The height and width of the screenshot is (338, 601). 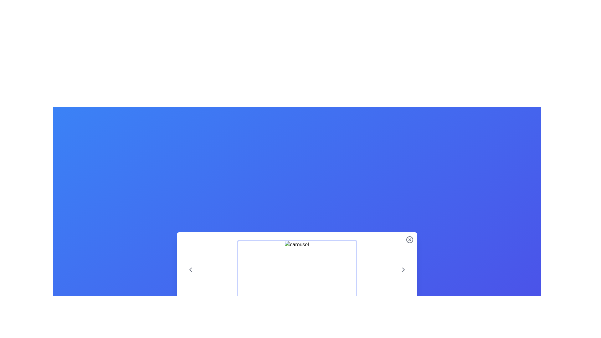 I want to click on the 'back' button located in the lower left corner of the primary interactive area, so click(x=190, y=269).